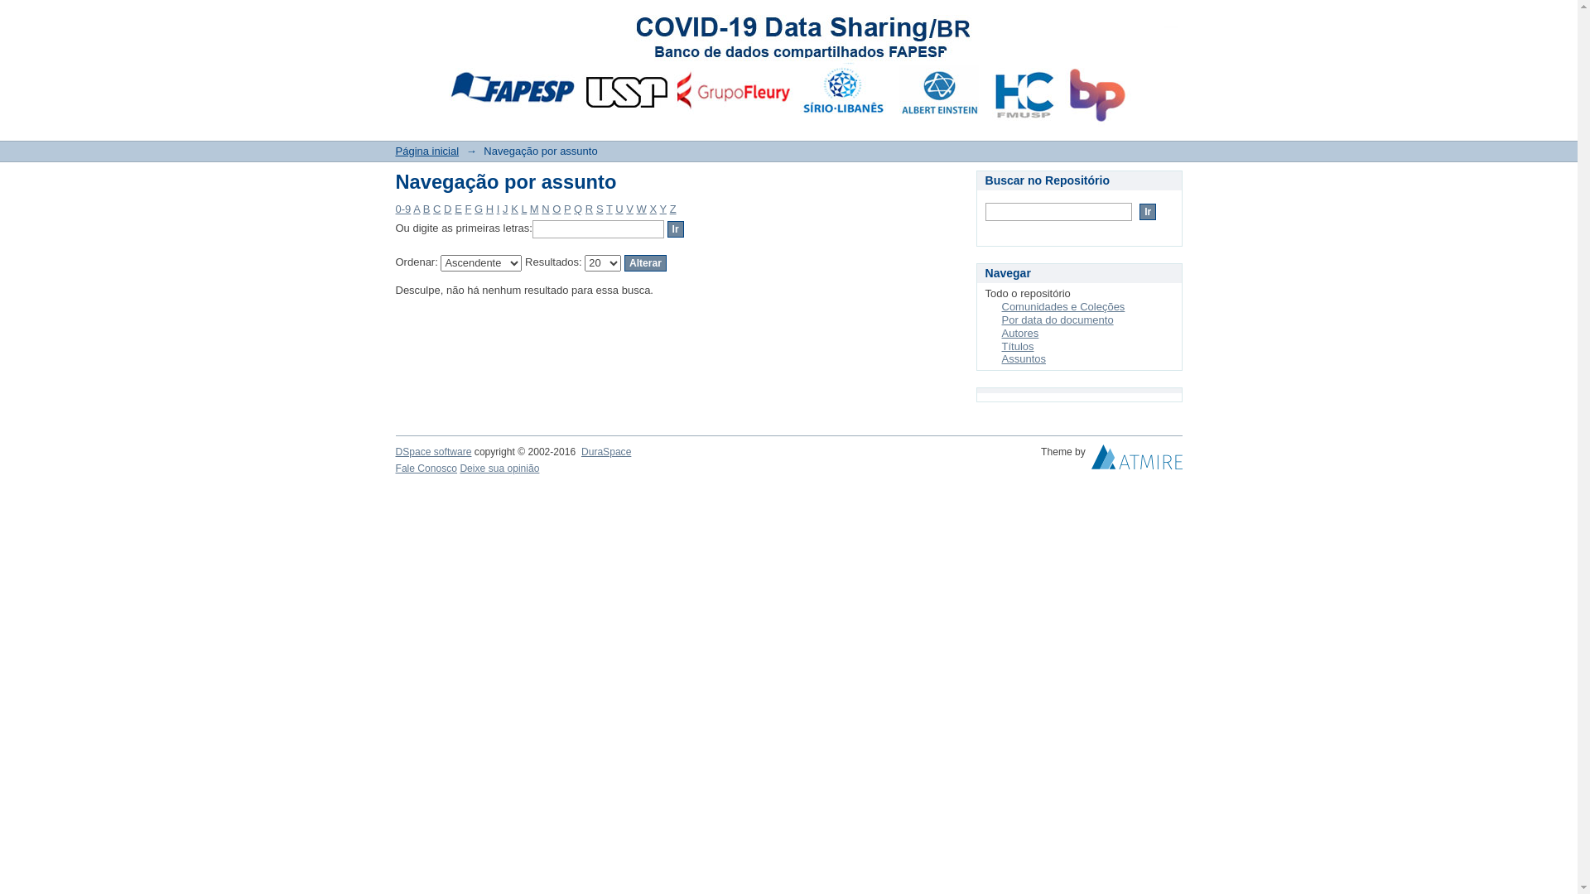 This screenshot has width=1590, height=894. What do you see at coordinates (652, 208) in the screenshot?
I see `'X'` at bounding box center [652, 208].